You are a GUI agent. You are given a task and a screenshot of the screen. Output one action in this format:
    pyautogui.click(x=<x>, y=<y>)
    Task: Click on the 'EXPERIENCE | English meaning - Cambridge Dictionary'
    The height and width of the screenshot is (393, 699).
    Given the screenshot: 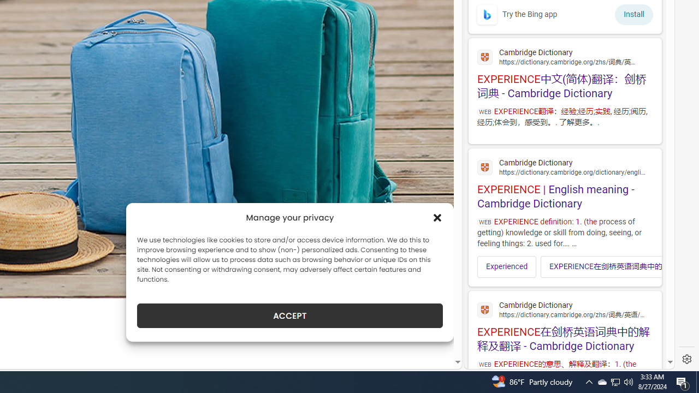 What is the action you would take?
    pyautogui.click(x=565, y=182)
    